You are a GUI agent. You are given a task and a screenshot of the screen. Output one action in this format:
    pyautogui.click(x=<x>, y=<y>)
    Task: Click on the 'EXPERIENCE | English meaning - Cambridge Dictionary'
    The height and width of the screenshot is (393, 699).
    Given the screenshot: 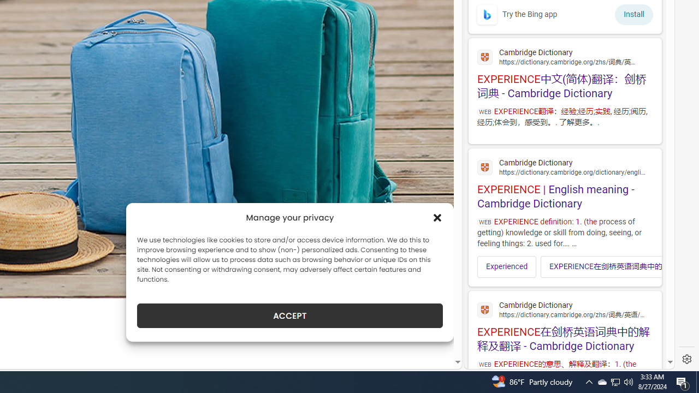 What is the action you would take?
    pyautogui.click(x=565, y=182)
    